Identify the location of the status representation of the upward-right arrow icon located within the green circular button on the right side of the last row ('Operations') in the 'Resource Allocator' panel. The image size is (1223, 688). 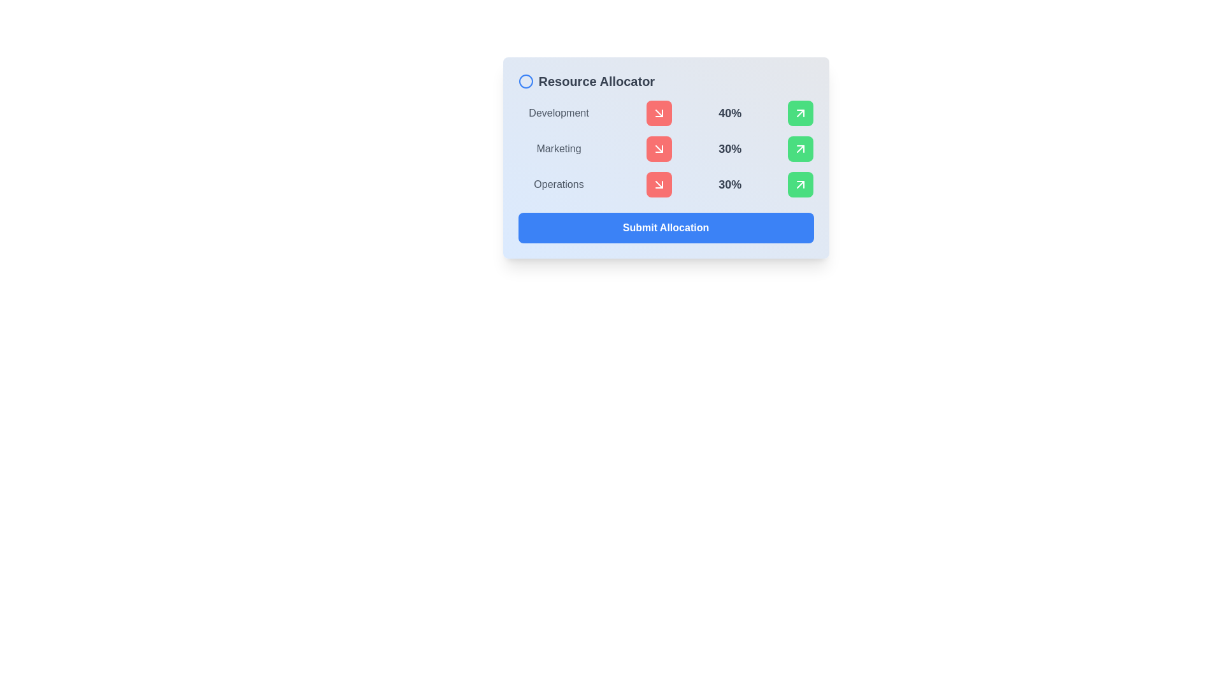
(800, 112).